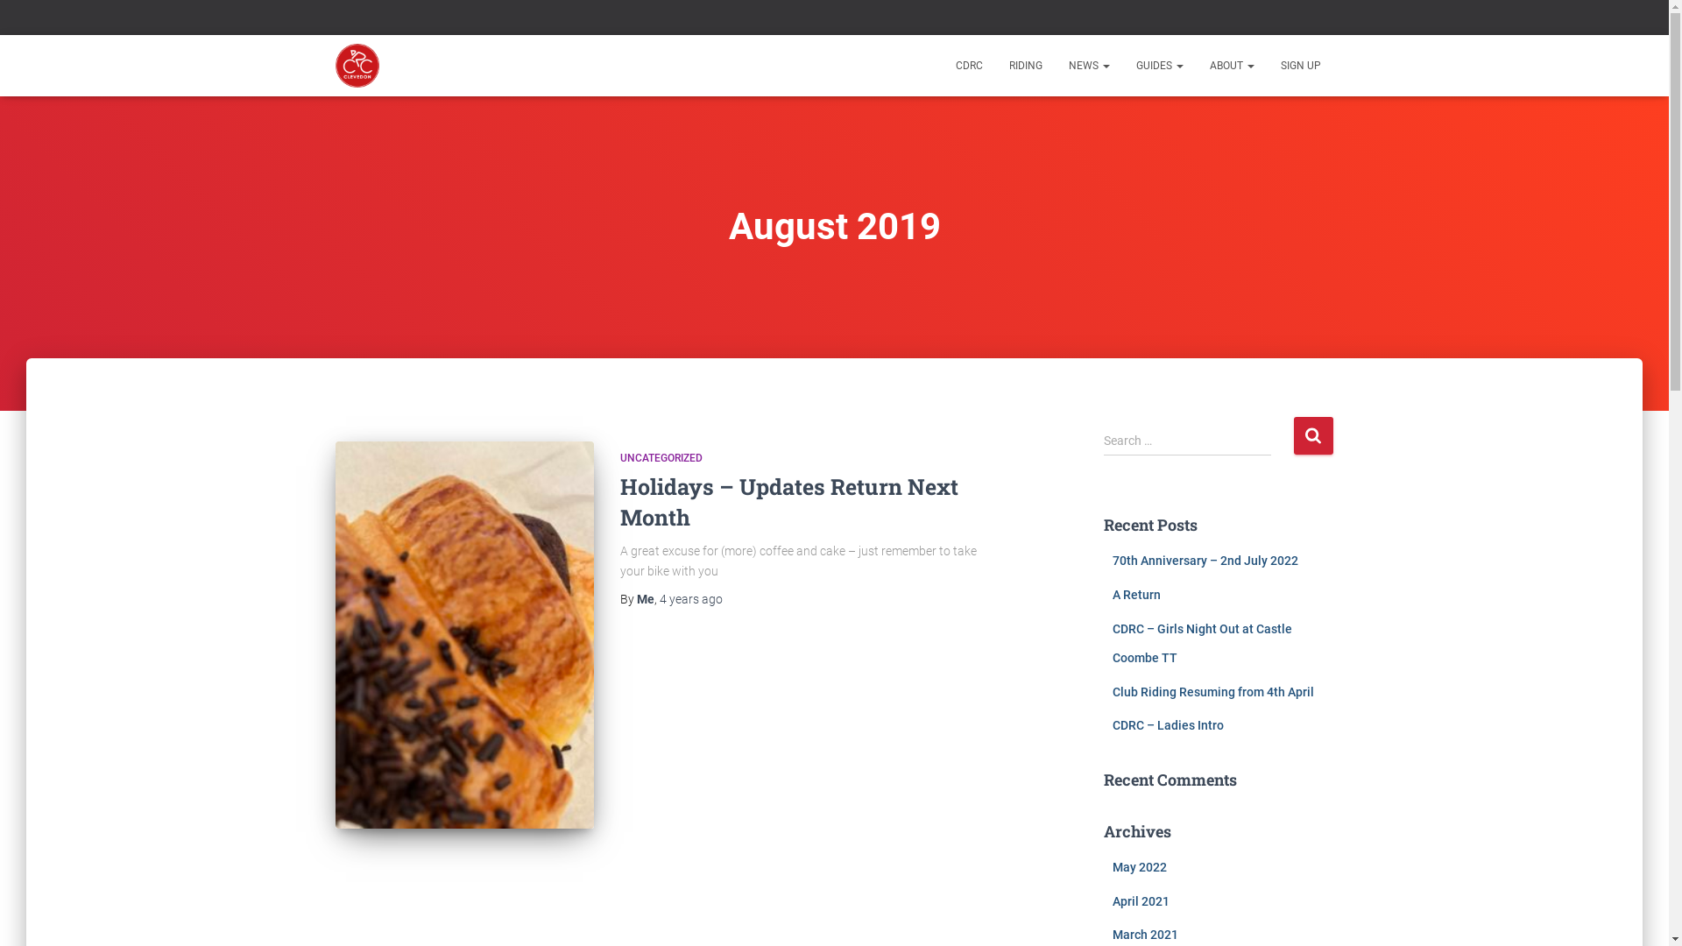 The width and height of the screenshot is (1682, 946). I want to click on '4 years ago', so click(689, 597).